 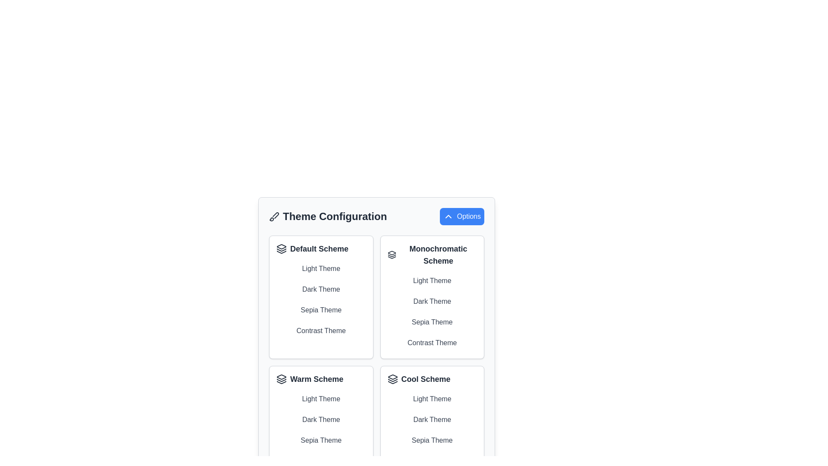 I want to click on the graphical icon representing the 'Monochromatic Scheme' card, located in the upper-left corner of the card section, to the left of the title text 'Monochromatic Scheme', so click(x=391, y=254).